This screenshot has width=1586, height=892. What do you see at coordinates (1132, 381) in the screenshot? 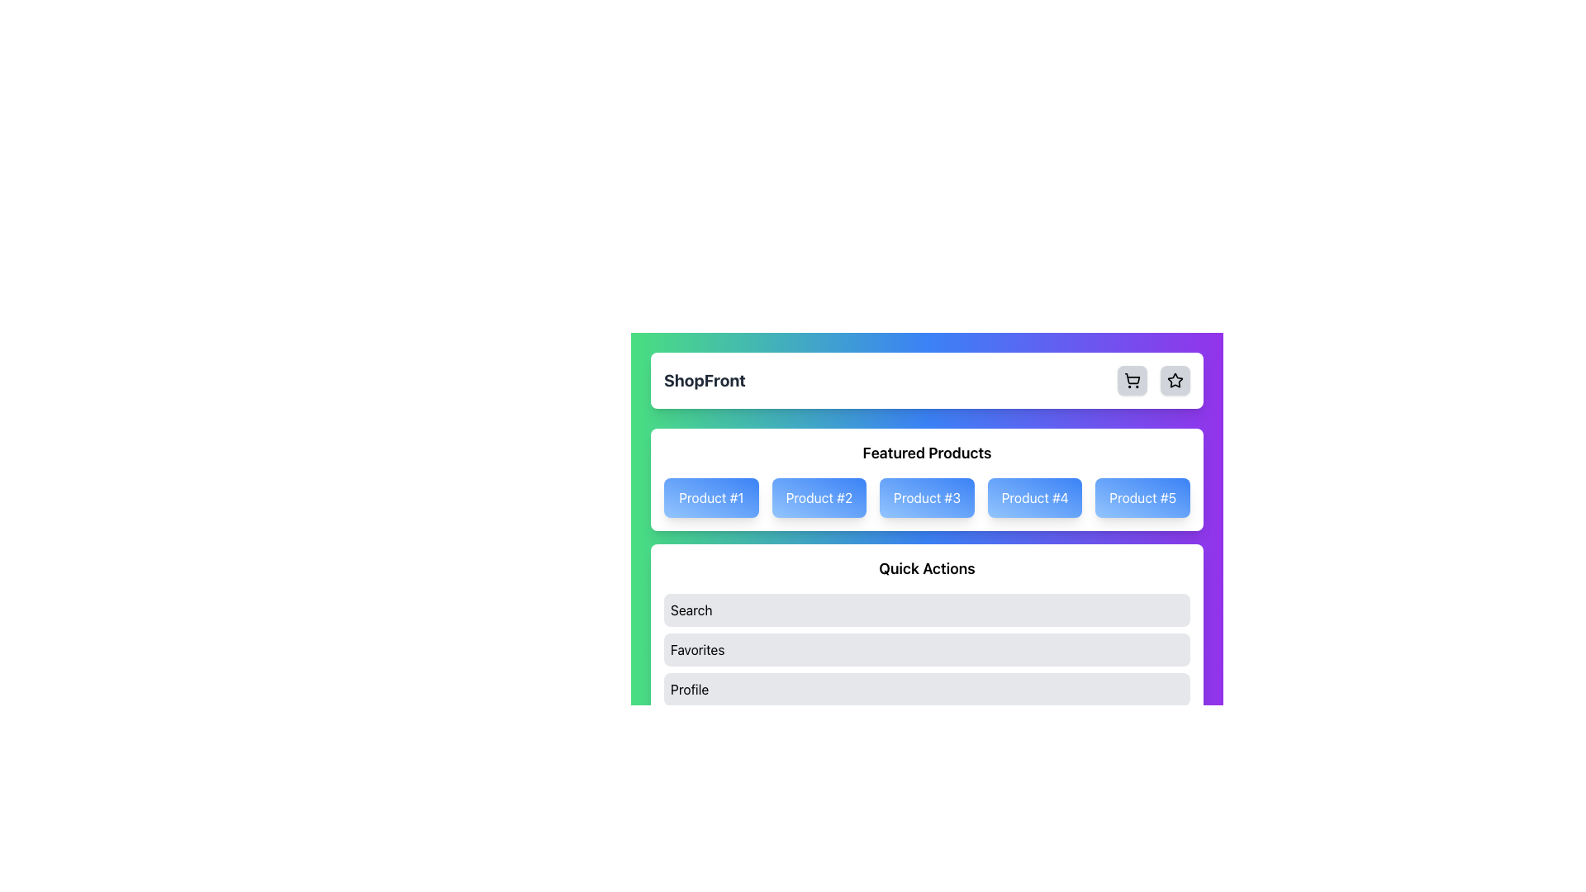
I see `the small, rounded rectangular button with a light gray background and a black shopping cart icon` at bounding box center [1132, 381].